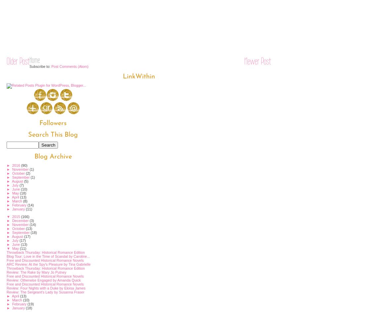 The width and height of the screenshot is (367, 312). I want to click on 'Older Post', so click(18, 60).